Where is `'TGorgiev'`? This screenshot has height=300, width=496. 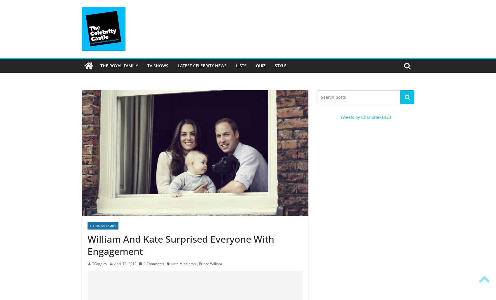 'TGorgiev' is located at coordinates (99, 264).